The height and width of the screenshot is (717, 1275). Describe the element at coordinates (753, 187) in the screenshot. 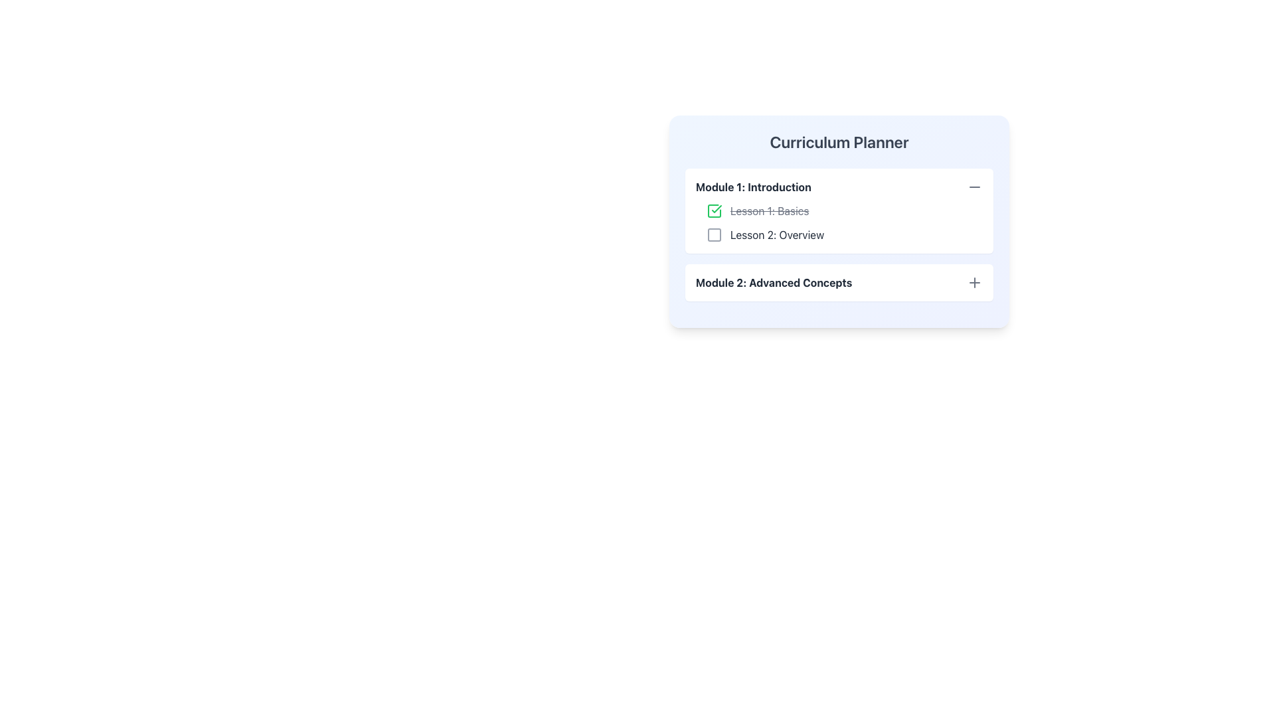

I see `the static text element that serves as the header for 'Module 1: Introduction', located in the top-left corner of the module section` at that location.